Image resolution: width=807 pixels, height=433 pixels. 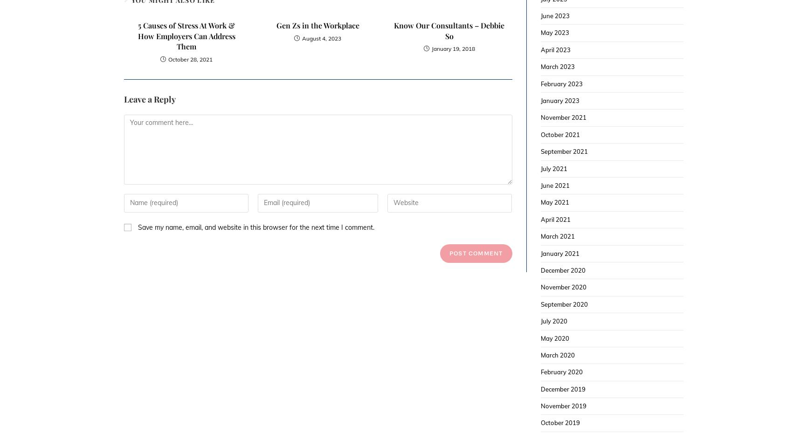 I want to click on 'March 2021', so click(x=557, y=236).